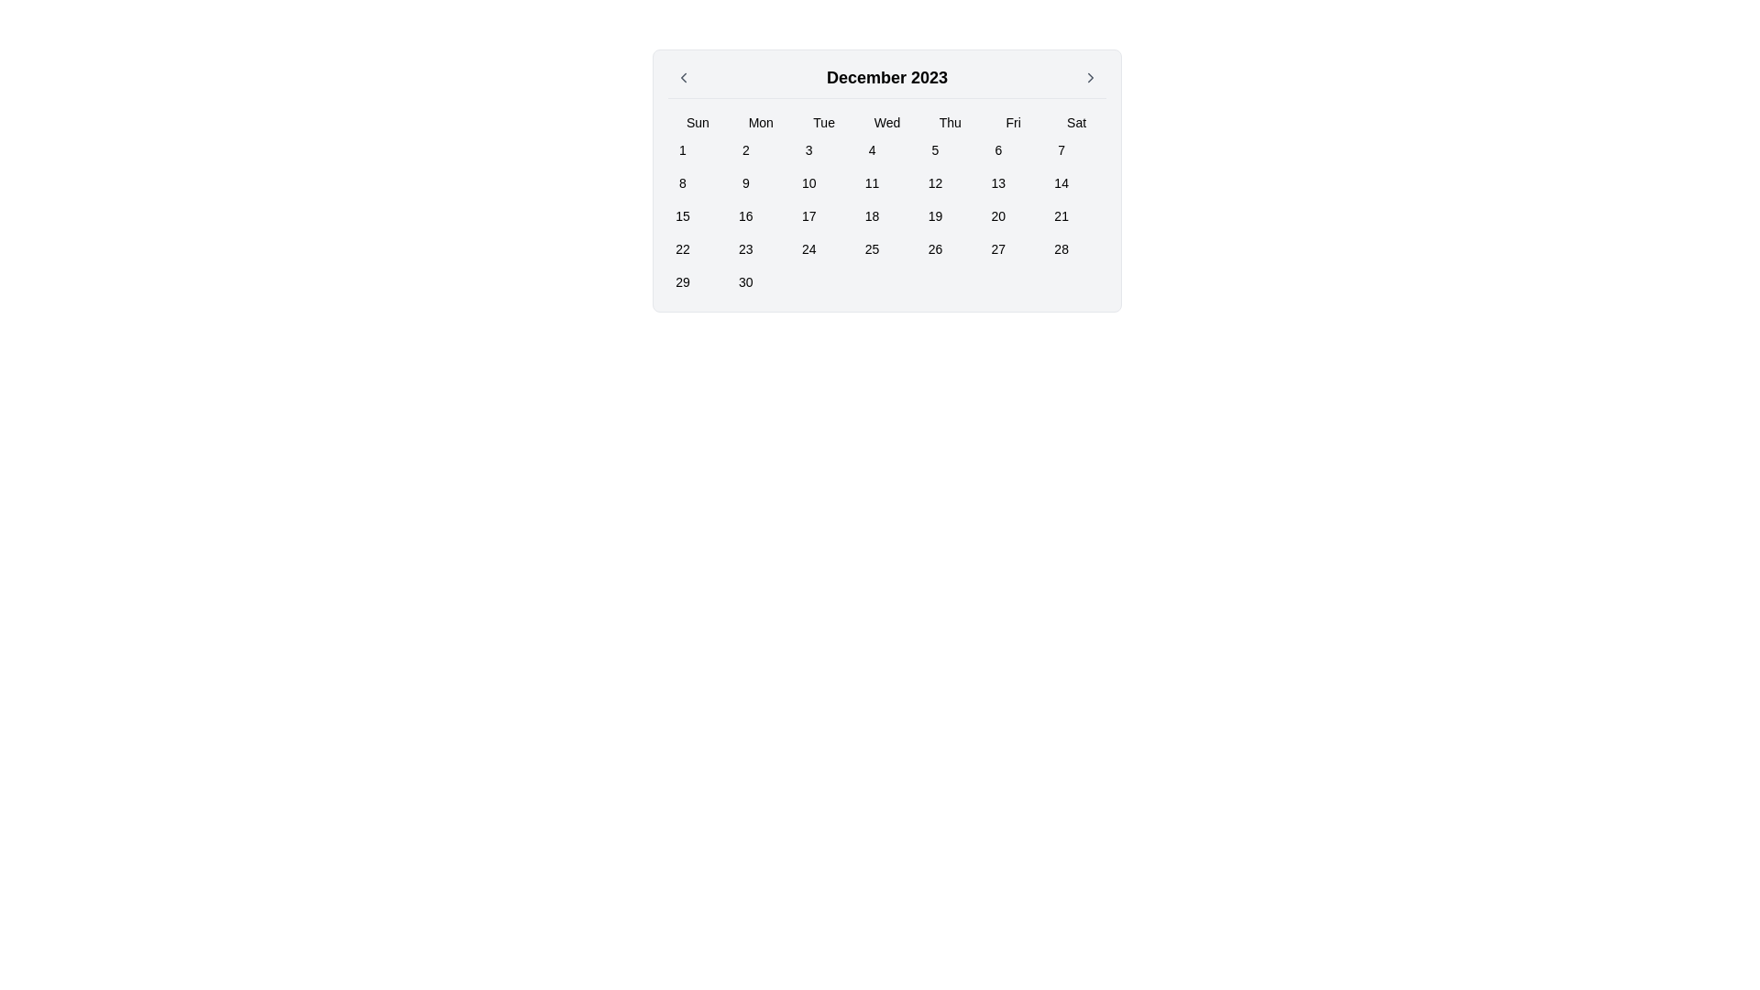  What do you see at coordinates (808, 249) in the screenshot?
I see `the button representing the date '24' in the December 2023 calendar` at bounding box center [808, 249].